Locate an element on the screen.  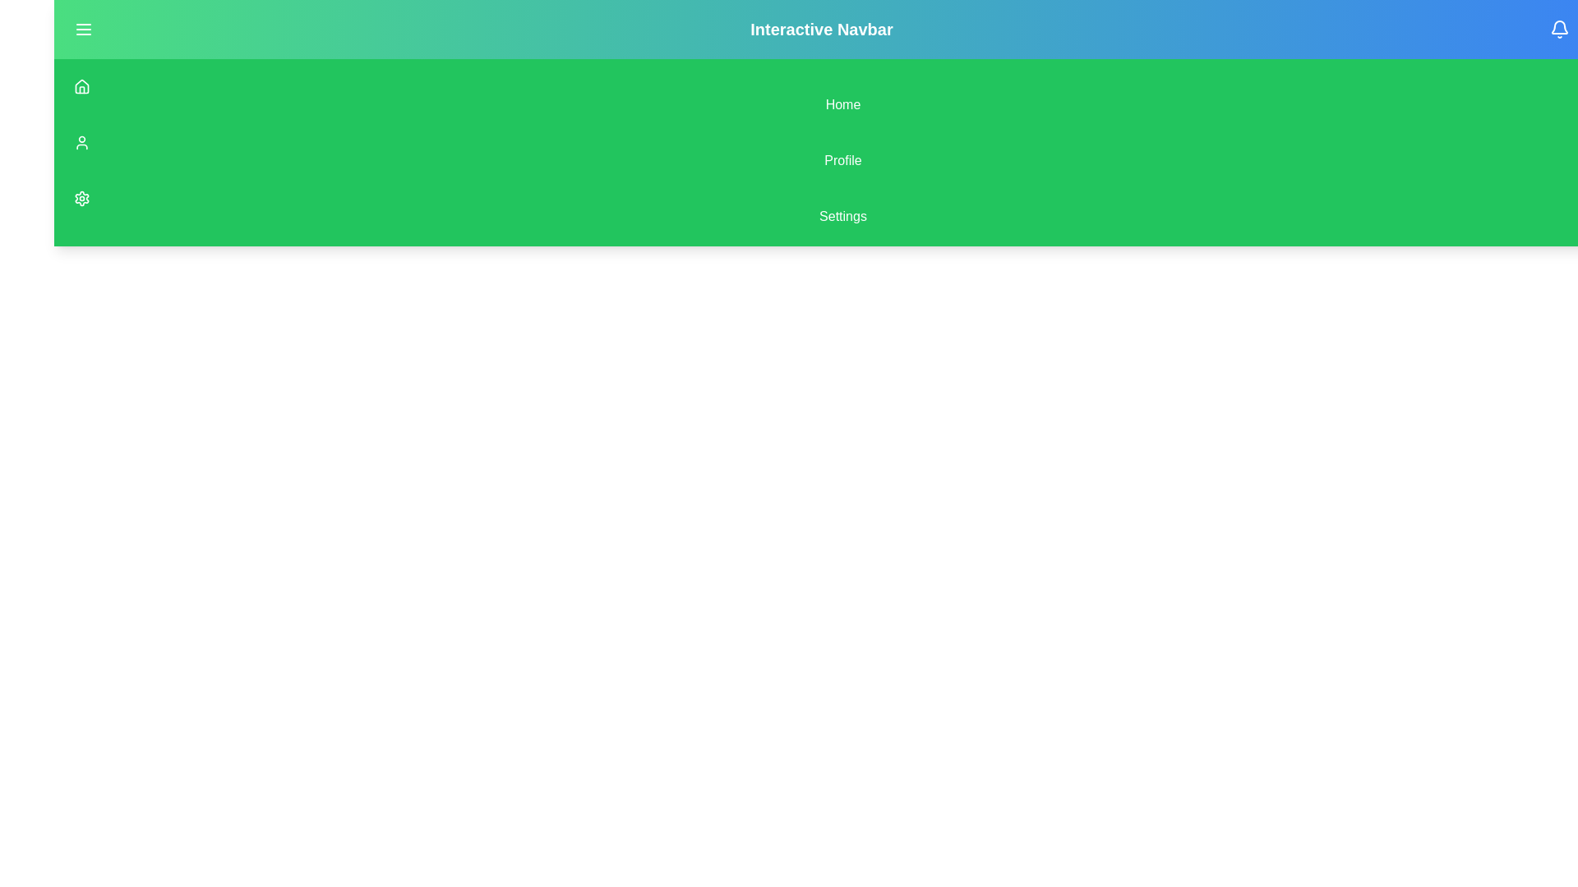
the centrally aligned text label in the upper navigation bar that represents the application's title or section header is located at coordinates (821, 29).